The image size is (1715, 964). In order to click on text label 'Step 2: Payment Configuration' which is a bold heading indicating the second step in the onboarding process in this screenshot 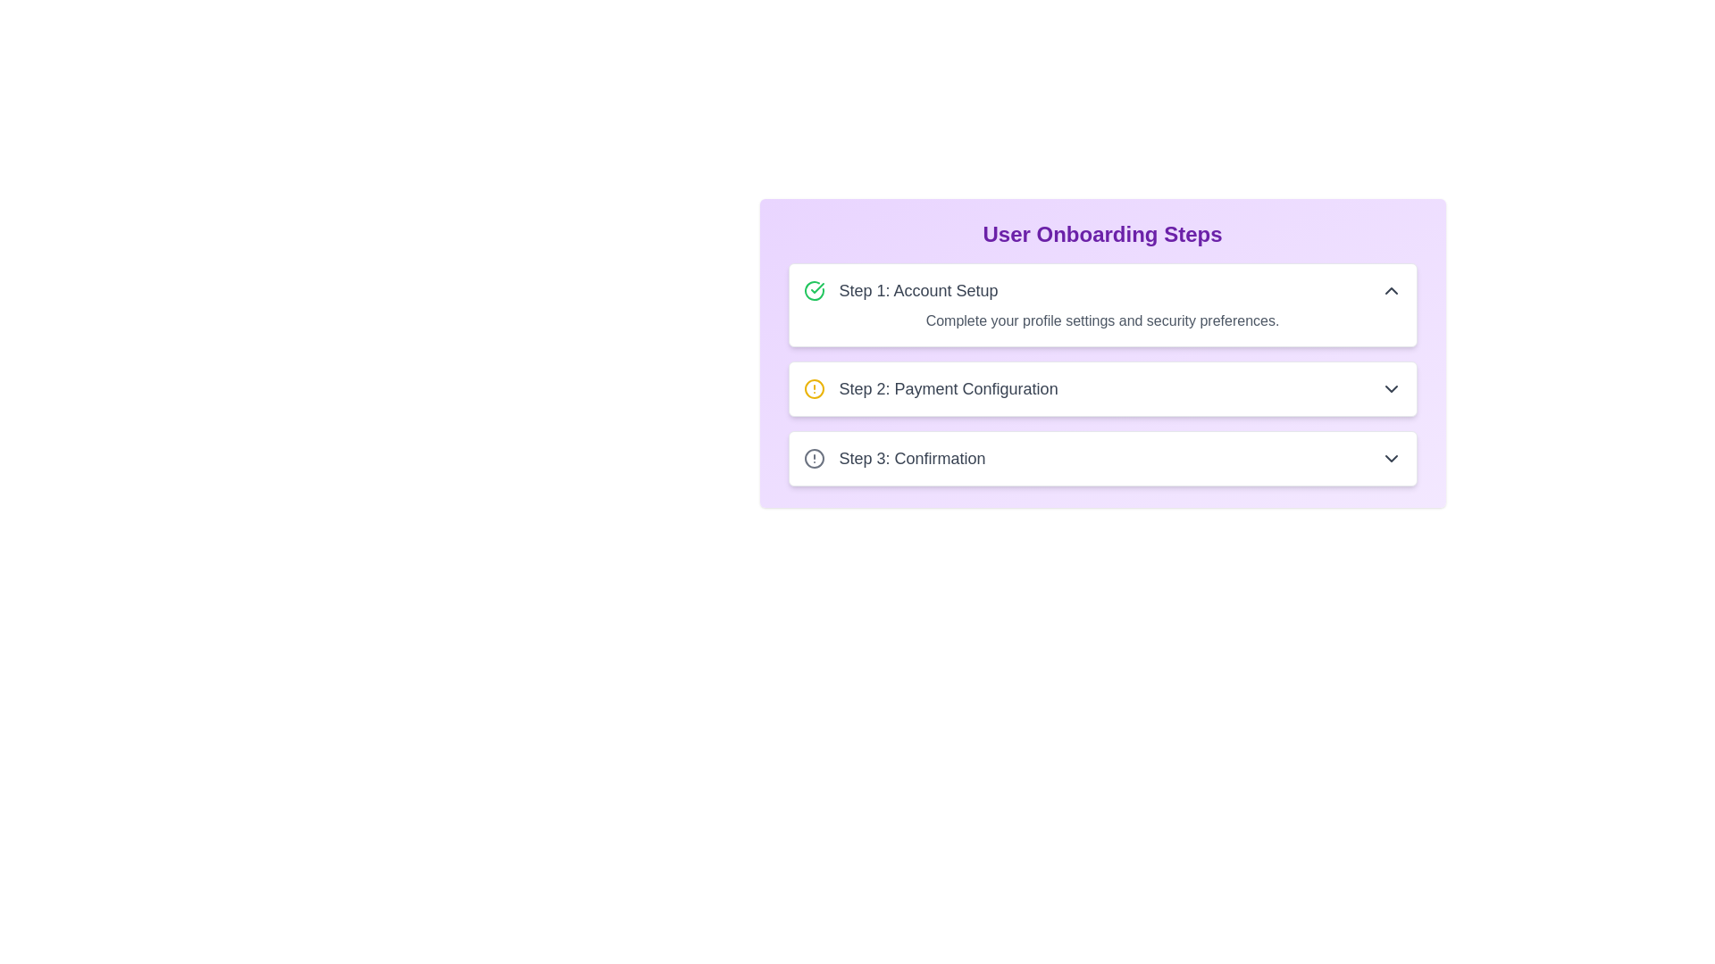, I will do `click(948, 387)`.